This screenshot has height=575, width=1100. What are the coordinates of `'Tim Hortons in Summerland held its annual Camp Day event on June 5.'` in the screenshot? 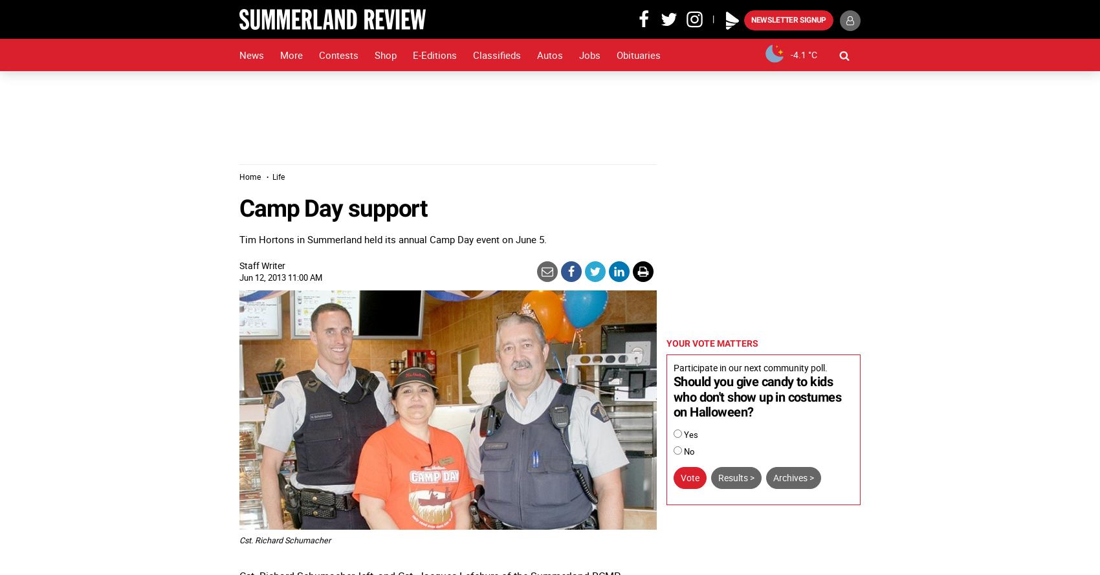 It's located at (392, 238).